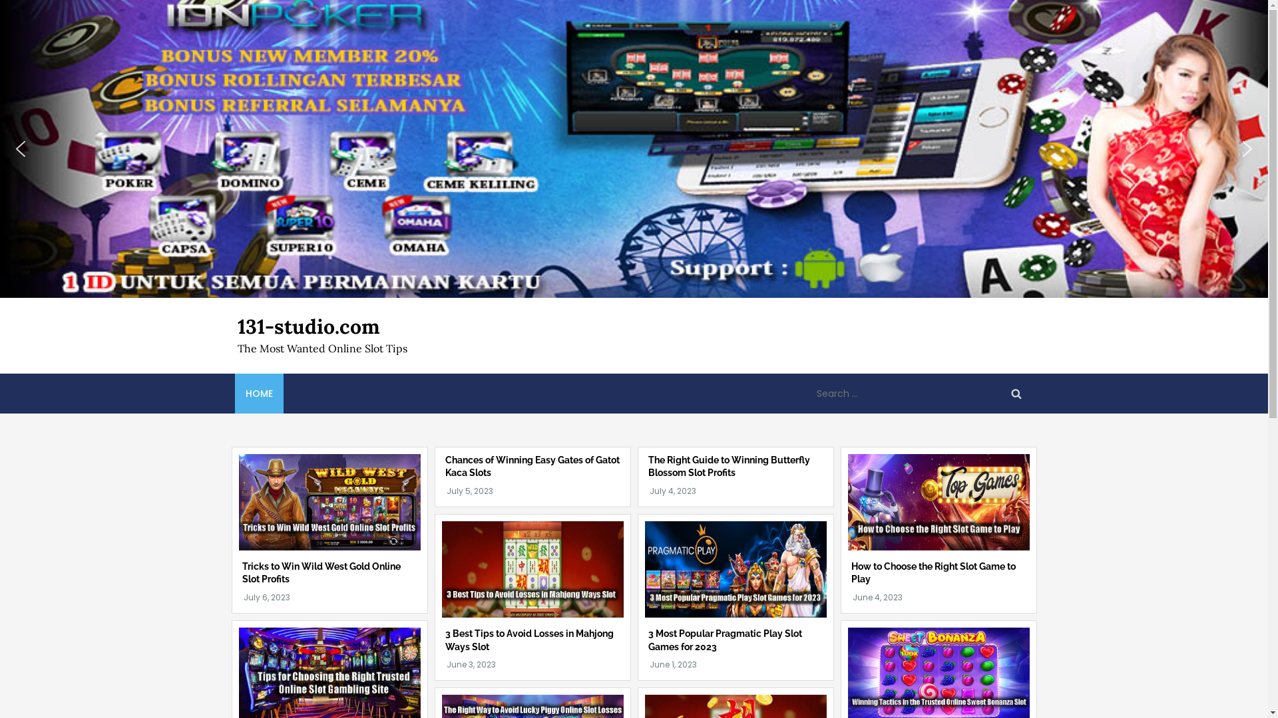  What do you see at coordinates (258, 392) in the screenshot?
I see `'HOME'` at bounding box center [258, 392].